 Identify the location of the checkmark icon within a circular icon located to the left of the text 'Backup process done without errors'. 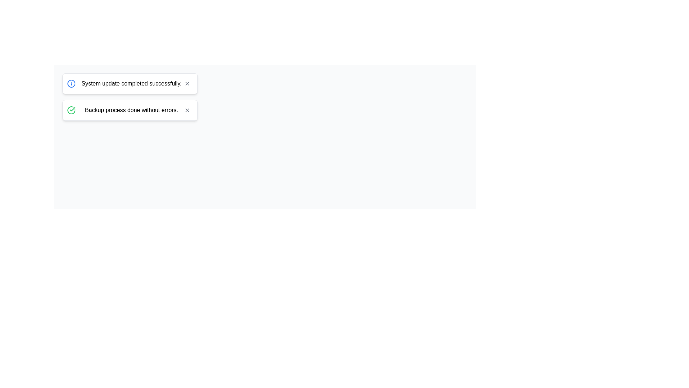
(72, 109).